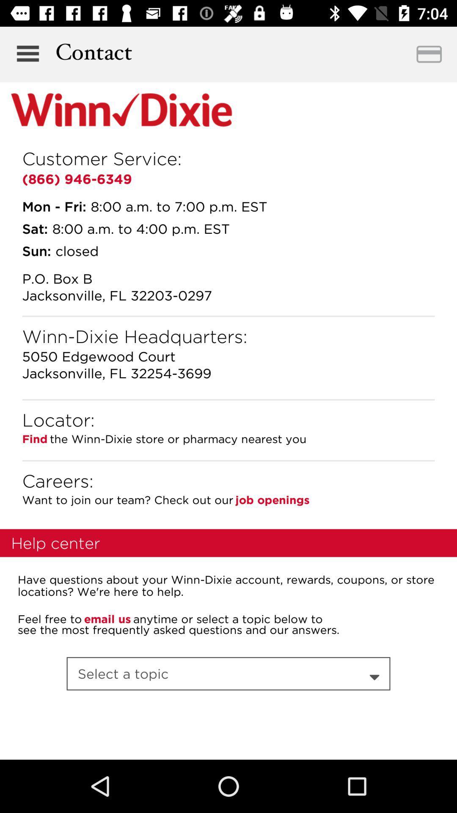 The height and width of the screenshot is (813, 457). Describe the element at coordinates (54, 206) in the screenshot. I see `the icon above sat:` at that location.